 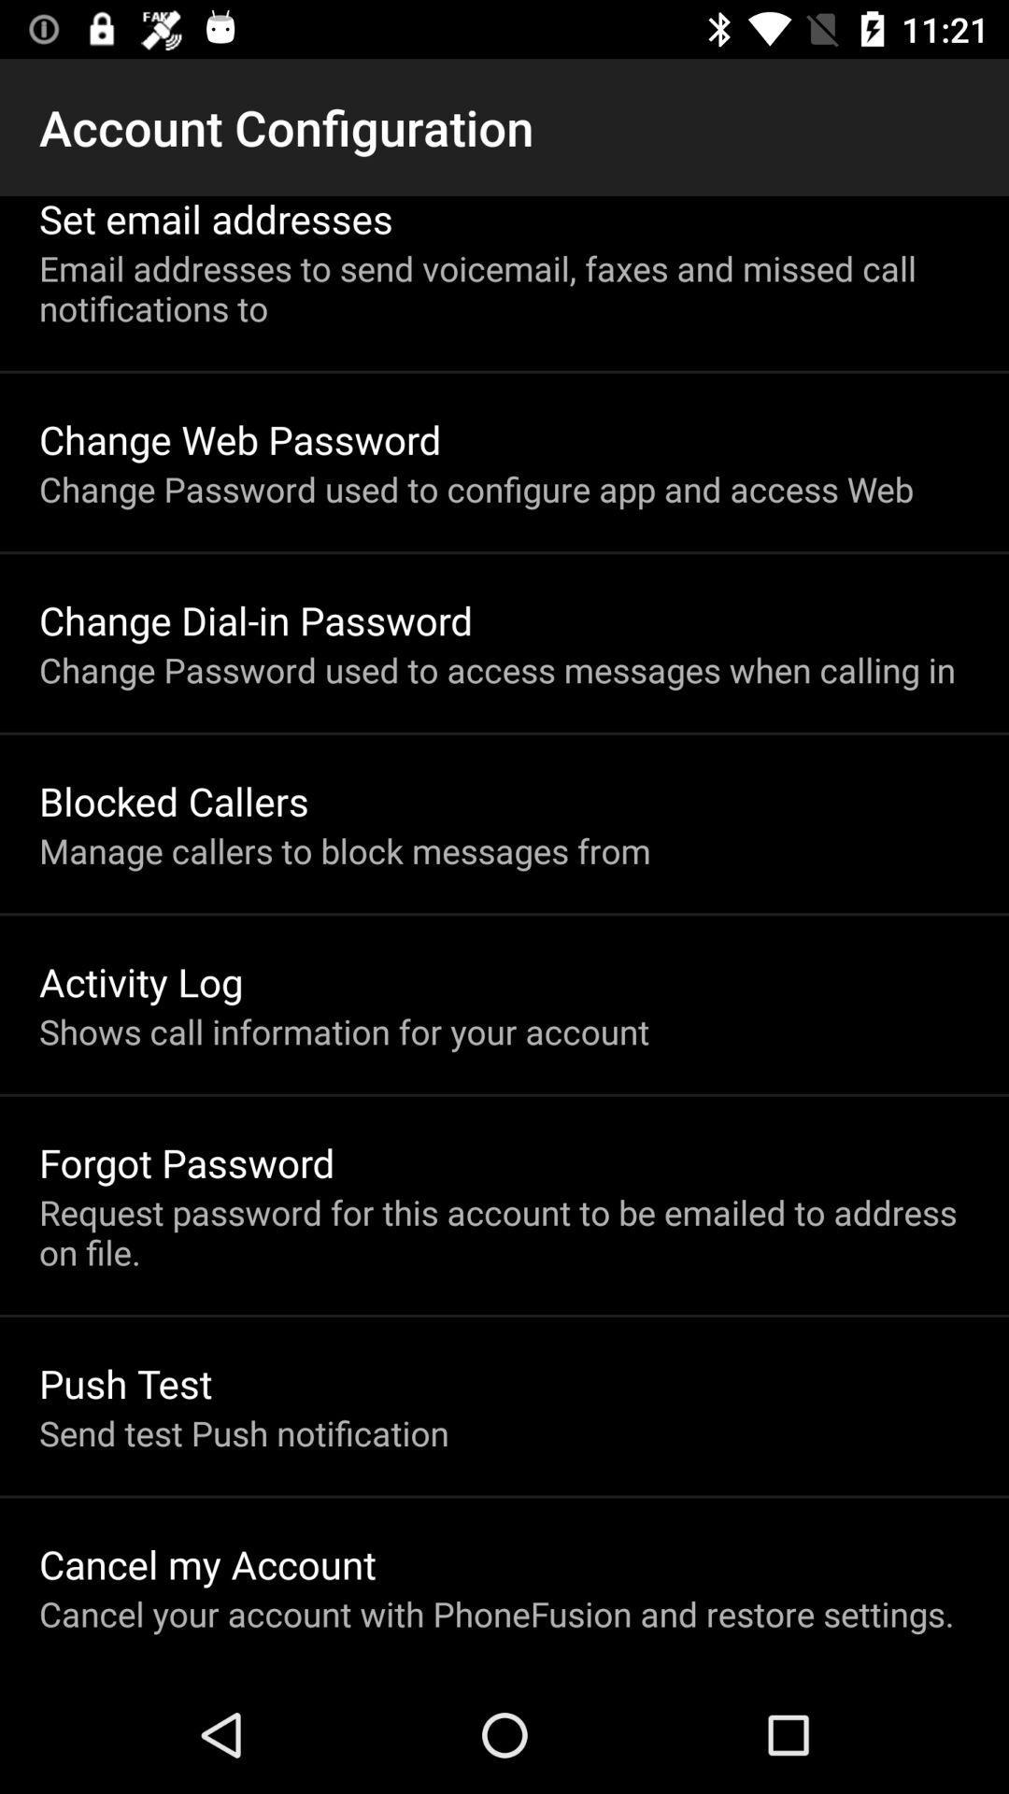 What do you see at coordinates (187, 1161) in the screenshot?
I see `the item above request password for app` at bounding box center [187, 1161].